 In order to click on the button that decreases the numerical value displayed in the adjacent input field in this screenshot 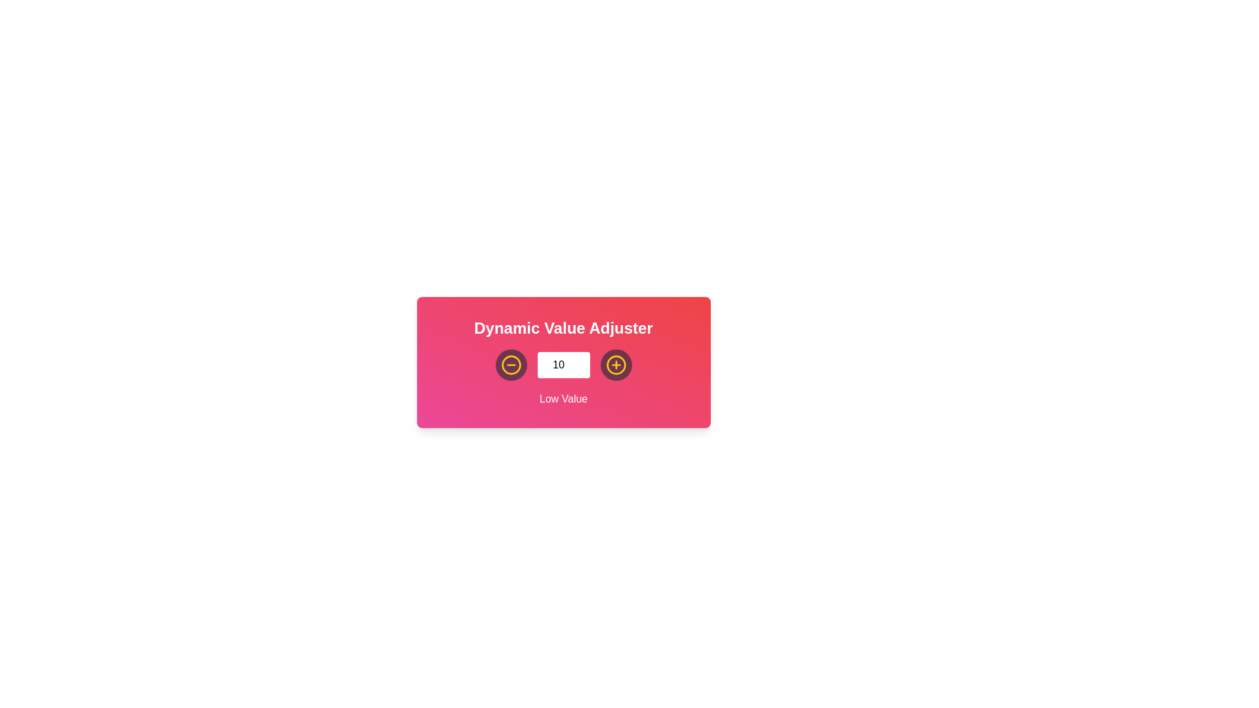, I will do `click(510, 364)`.